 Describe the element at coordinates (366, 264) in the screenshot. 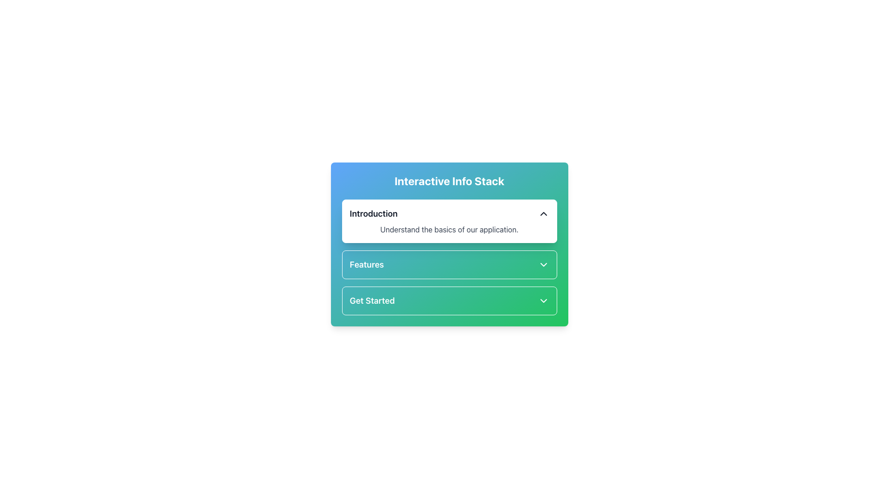

I see `the 'Features' text label, which is styled in bold white font against a gradient green background and is located between the 'Introduction' and 'Get Started' sections` at that location.